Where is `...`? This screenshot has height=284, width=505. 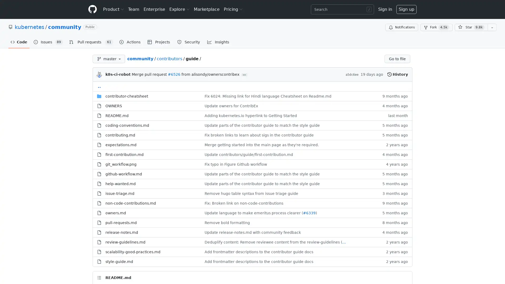
... is located at coordinates (244, 75).